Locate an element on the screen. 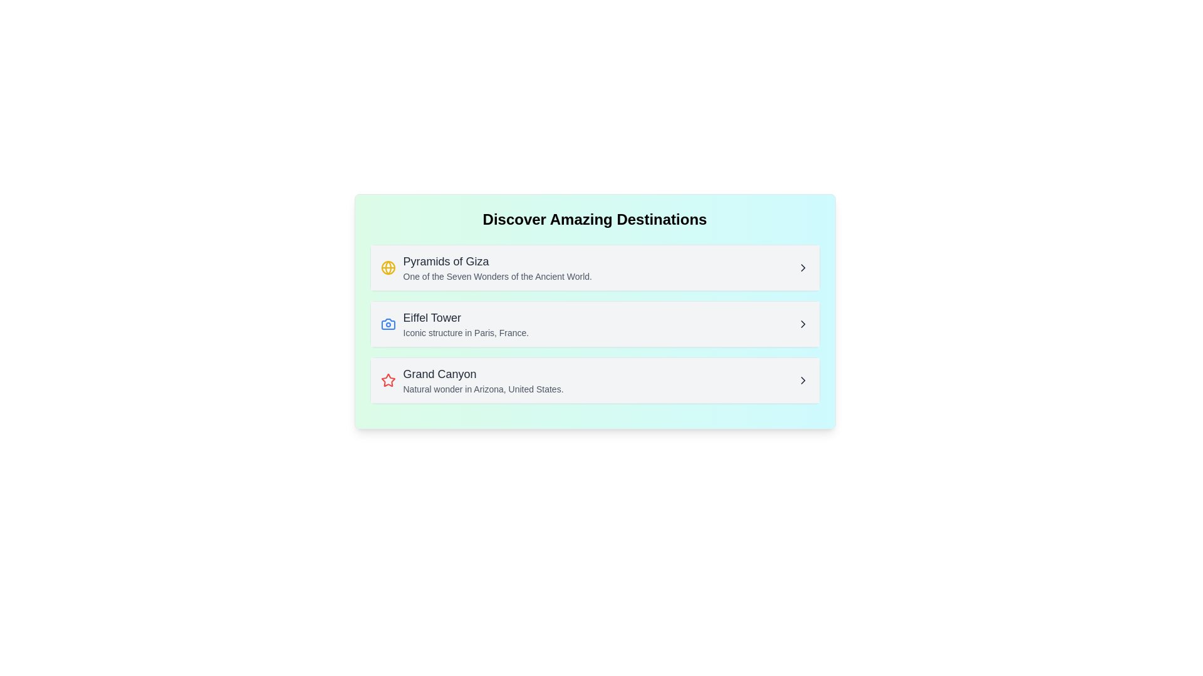 Image resolution: width=1203 pixels, height=676 pixels. the right-pointing chevron icon located at the far-right end of the row titled 'Pyramids of Giza' is located at coordinates (803, 267).